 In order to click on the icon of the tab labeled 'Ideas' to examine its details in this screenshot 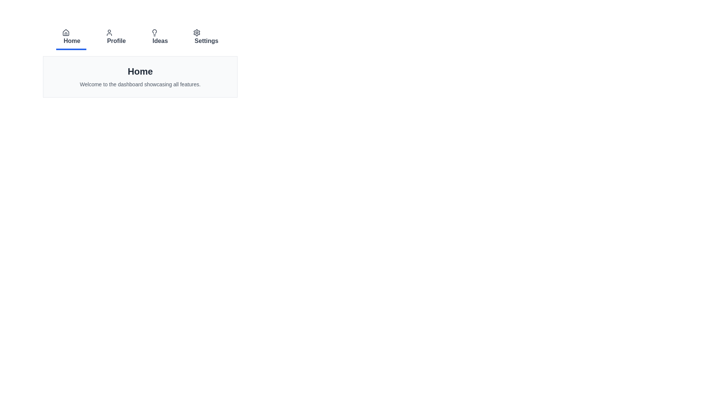, I will do `click(154, 32)`.